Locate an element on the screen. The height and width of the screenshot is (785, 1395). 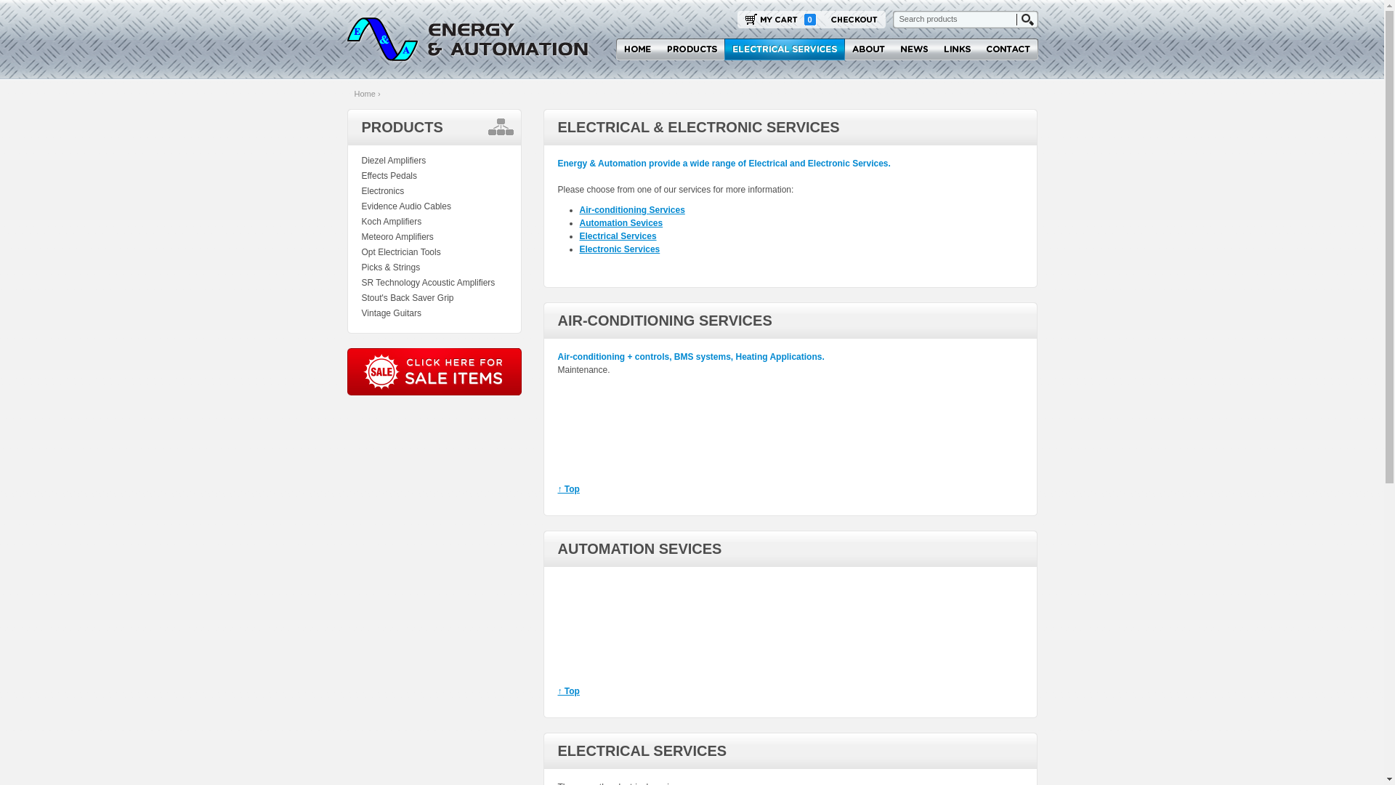
'Automation Sevices' is located at coordinates (621, 223).